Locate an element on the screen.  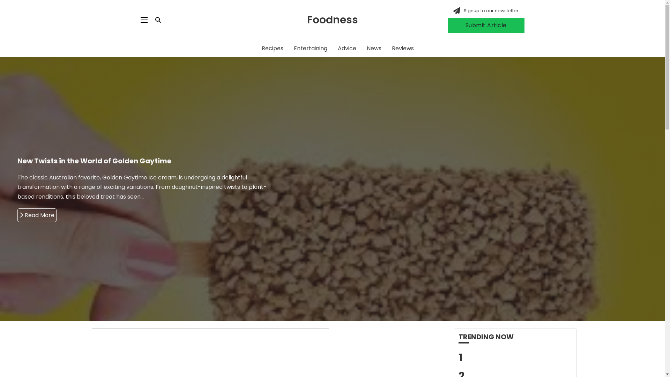
'Submit Article' is located at coordinates (447, 25).